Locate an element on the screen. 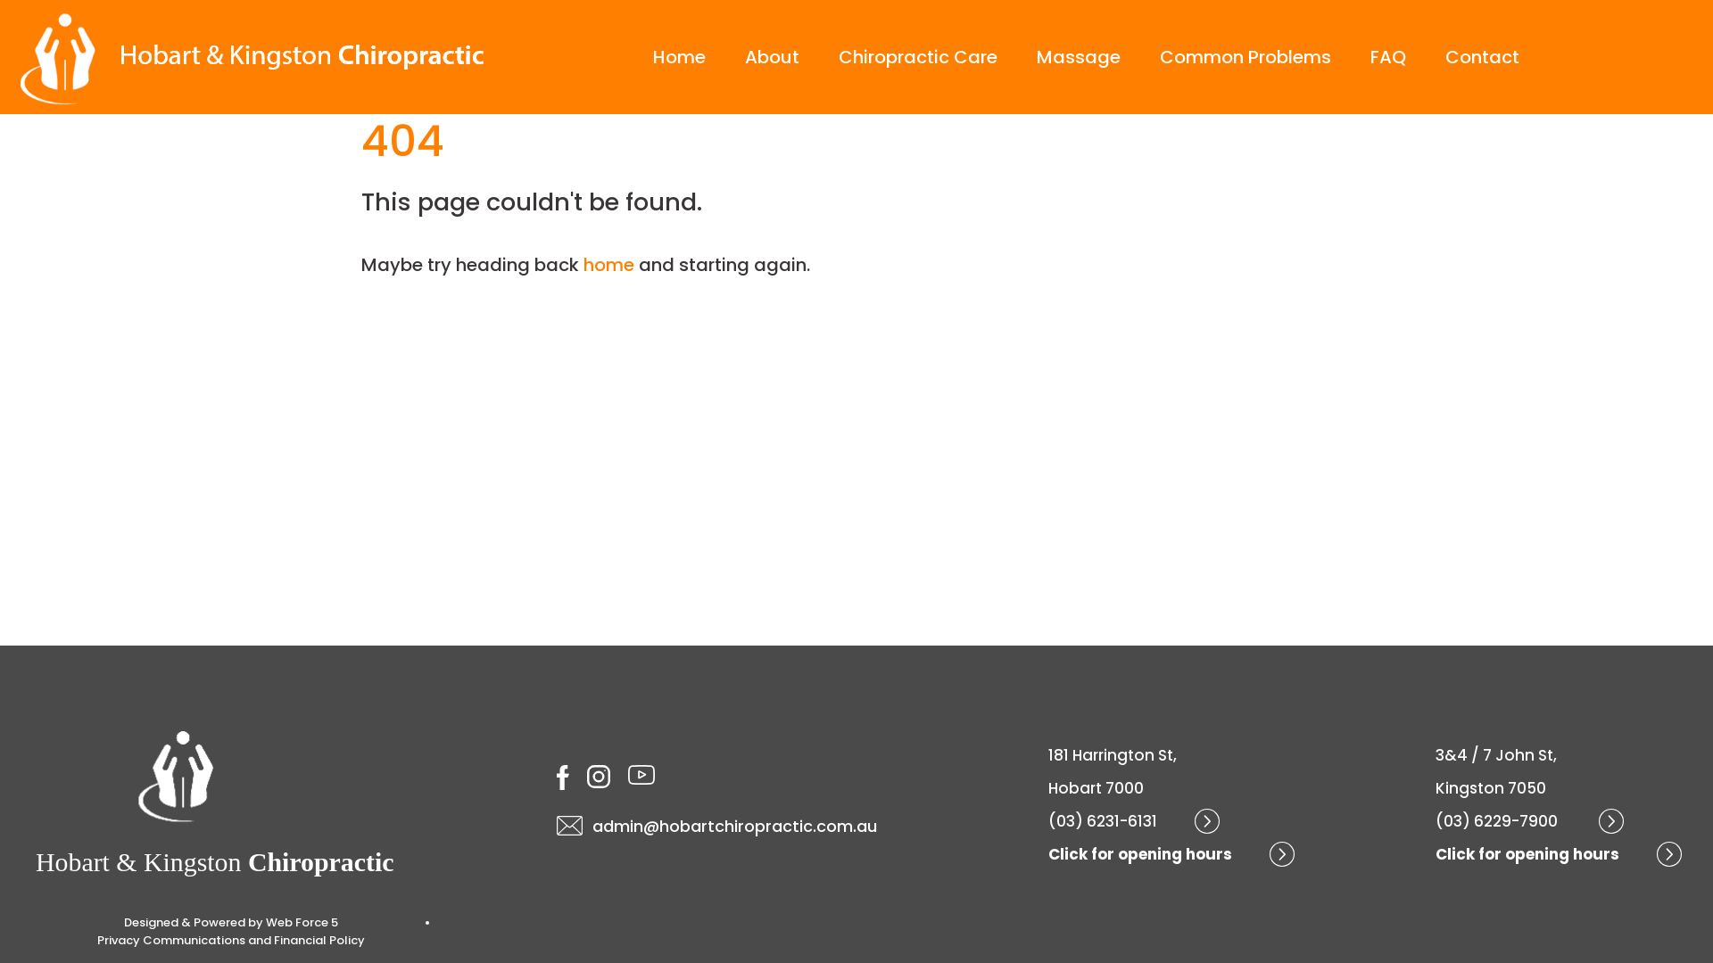  'Privacy Communications and Financial Policy' is located at coordinates (230, 940).